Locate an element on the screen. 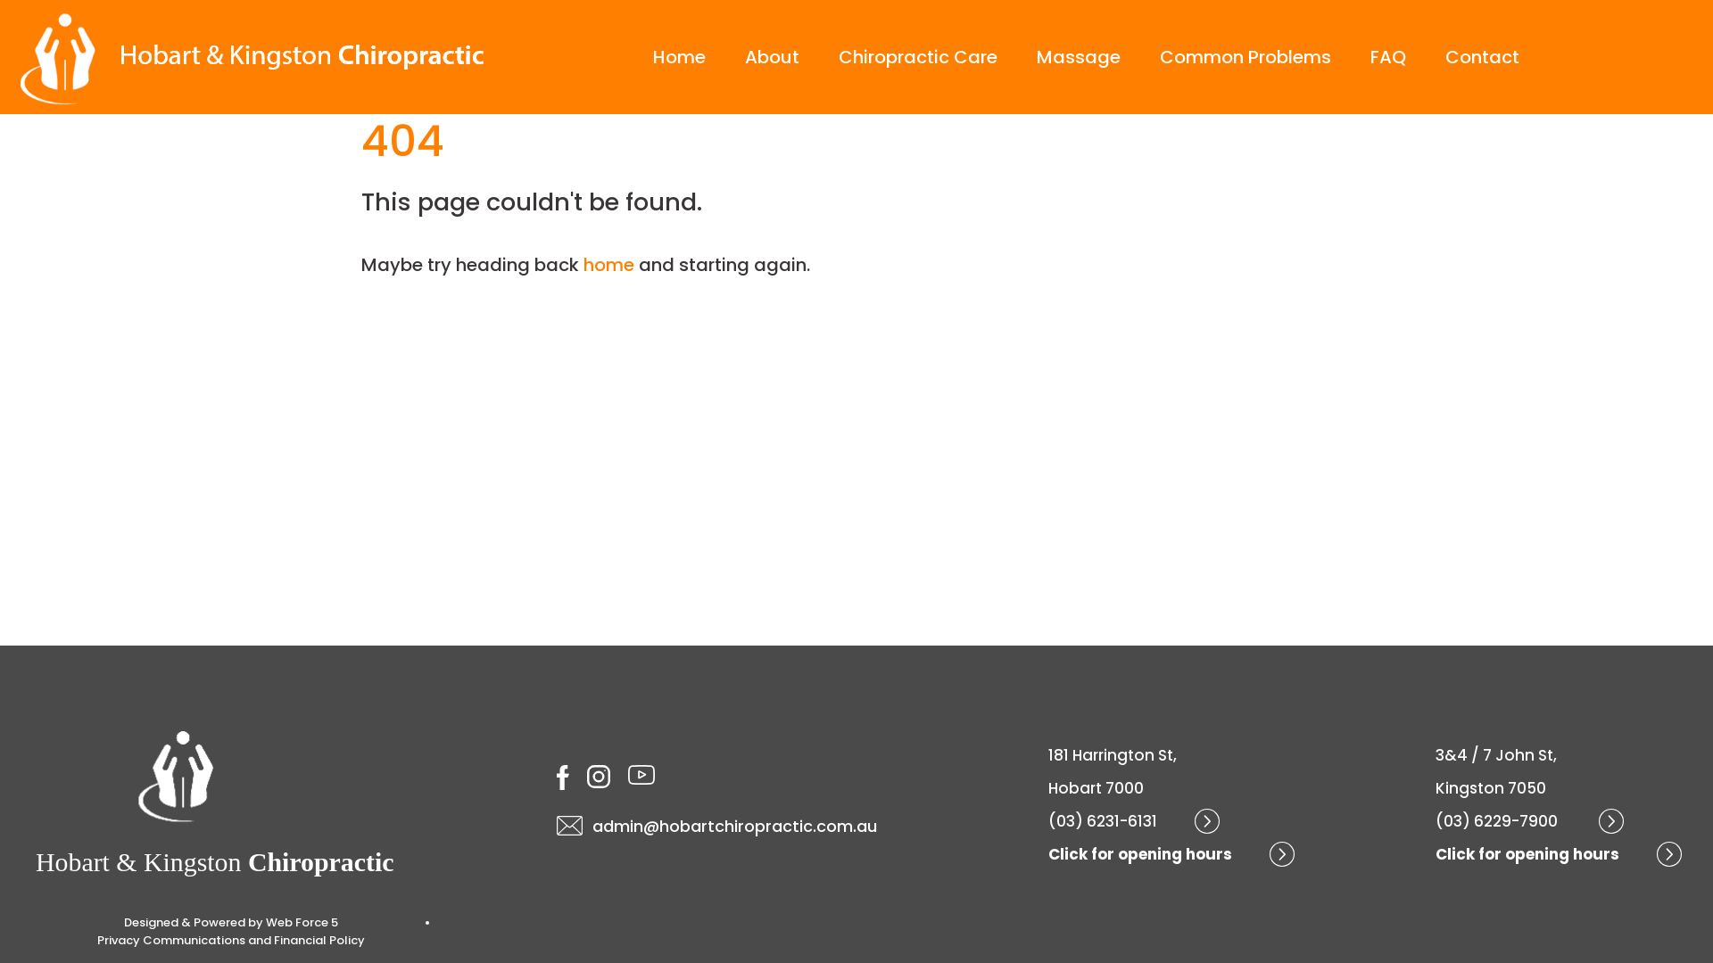  'Privacy Communications and Financial Policy' is located at coordinates (230, 940).